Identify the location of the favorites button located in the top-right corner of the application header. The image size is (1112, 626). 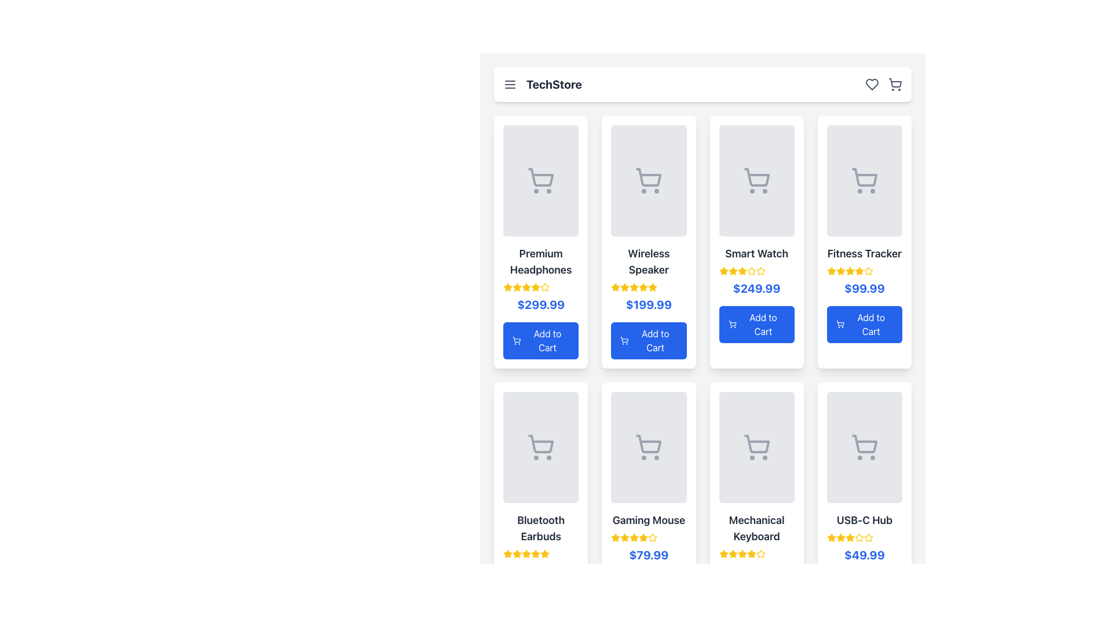
(872, 84).